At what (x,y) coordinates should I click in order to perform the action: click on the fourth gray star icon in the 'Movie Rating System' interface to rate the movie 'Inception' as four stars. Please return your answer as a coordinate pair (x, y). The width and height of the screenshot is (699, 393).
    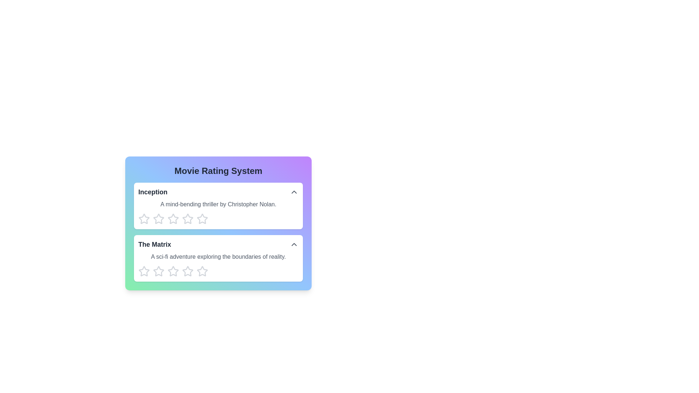
    Looking at the image, I should click on (202, 218).